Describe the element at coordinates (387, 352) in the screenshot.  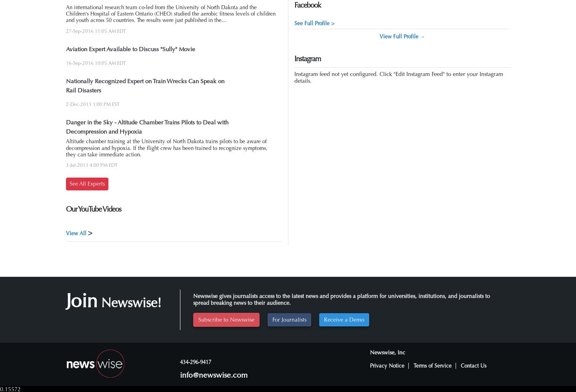
I see `'Newswise, Inc'` at that location.